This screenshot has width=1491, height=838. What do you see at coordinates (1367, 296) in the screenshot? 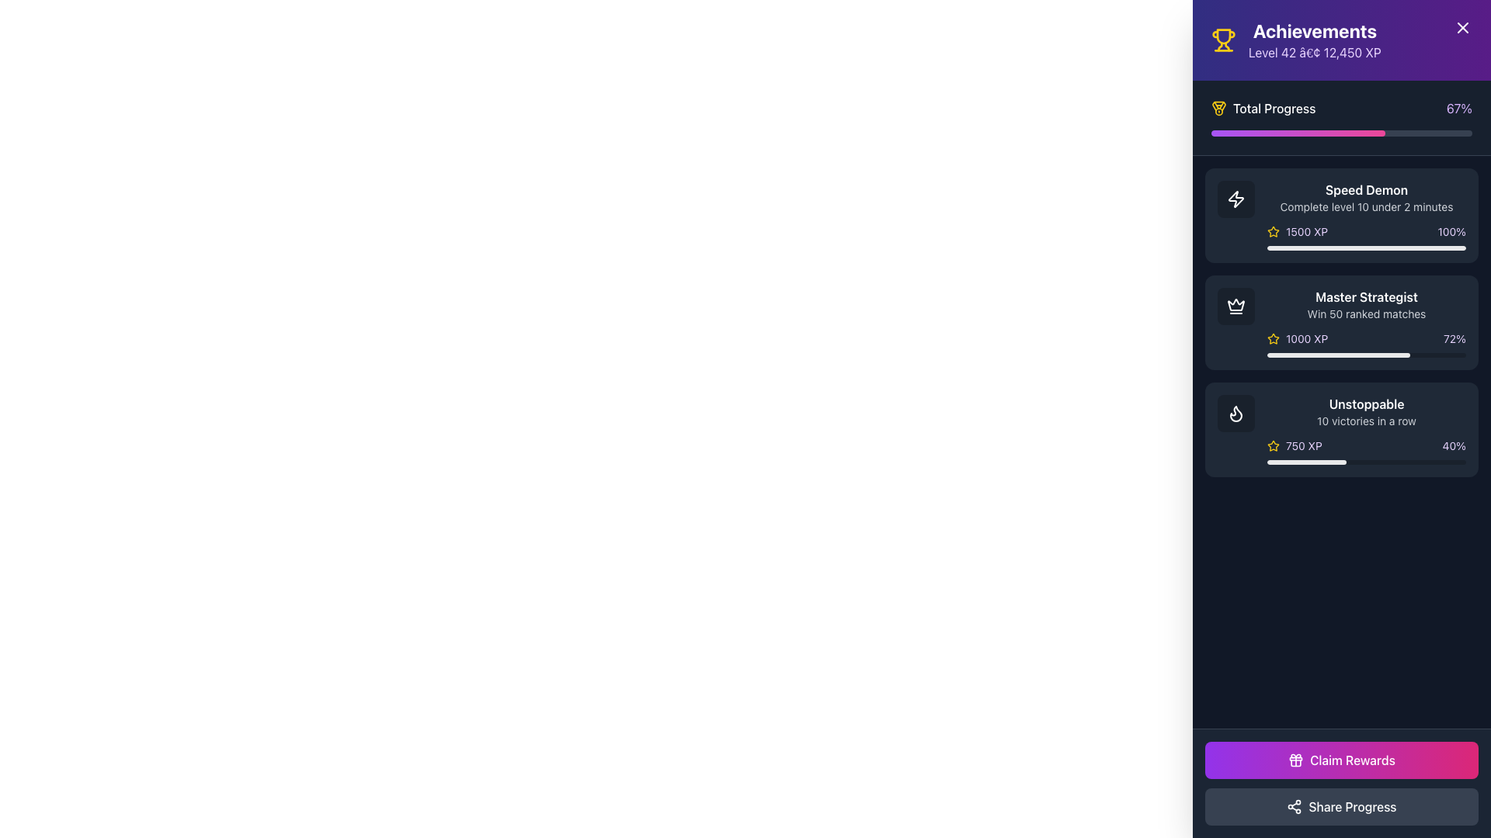
I see `displayed text from the achievement title label, which is centered horizontally near the top of the achievements panel's second section` at bounding box center [1367, 296].